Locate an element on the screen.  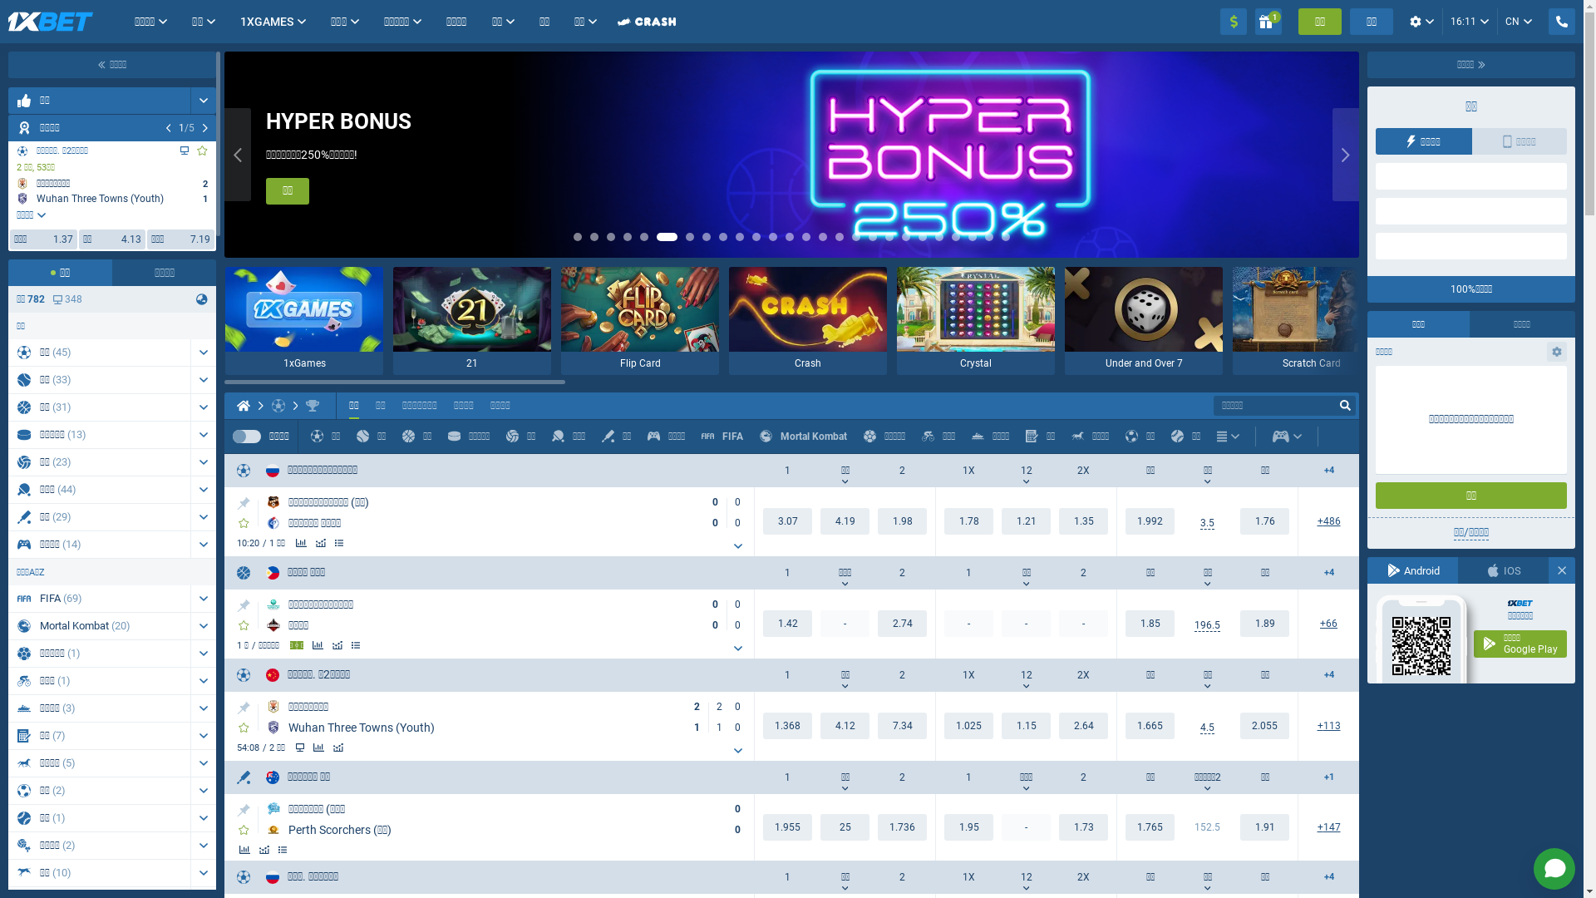
'1.15' is located at coordinates (1025, 724).